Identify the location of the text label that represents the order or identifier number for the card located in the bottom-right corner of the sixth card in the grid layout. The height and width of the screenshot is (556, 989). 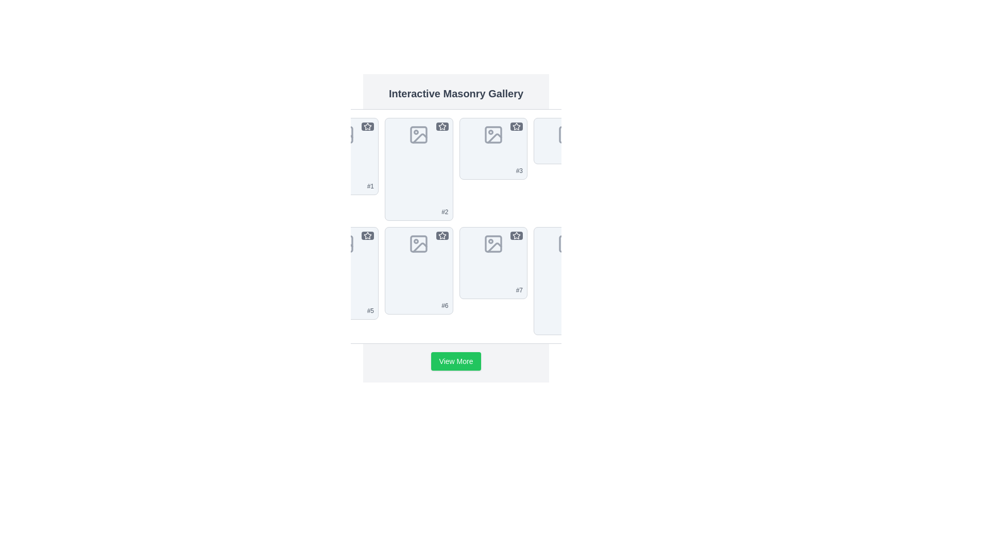
(519, 290).